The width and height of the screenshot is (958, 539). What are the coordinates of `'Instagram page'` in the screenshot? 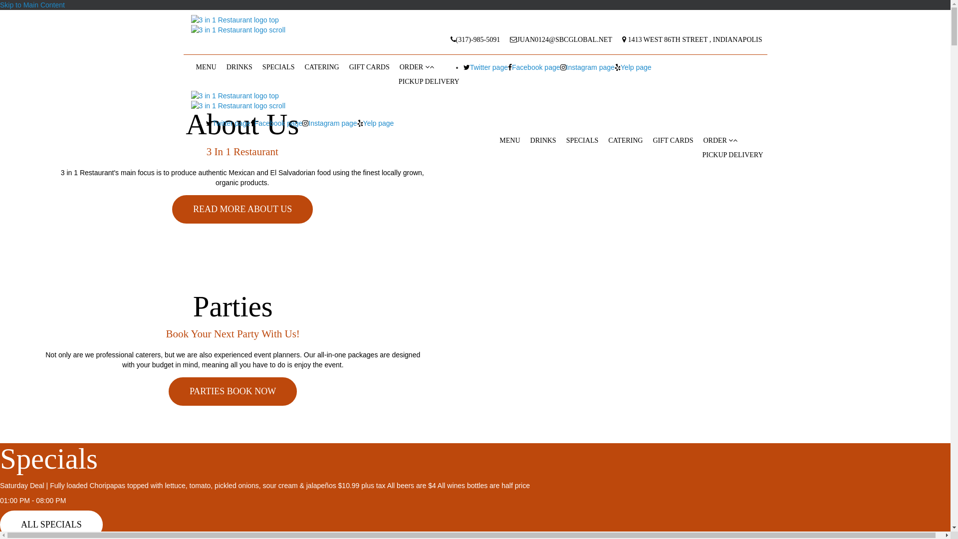 It's located at (329, 122).